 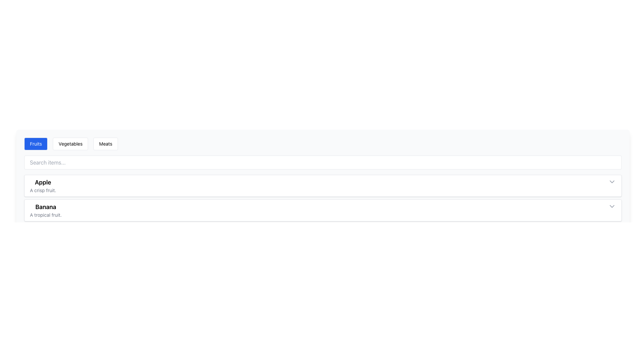 What do you see at coordinates (36, 143) in the screenshot?
I see `the 'Fruits' navigation button` at bounding box center [36, 143].